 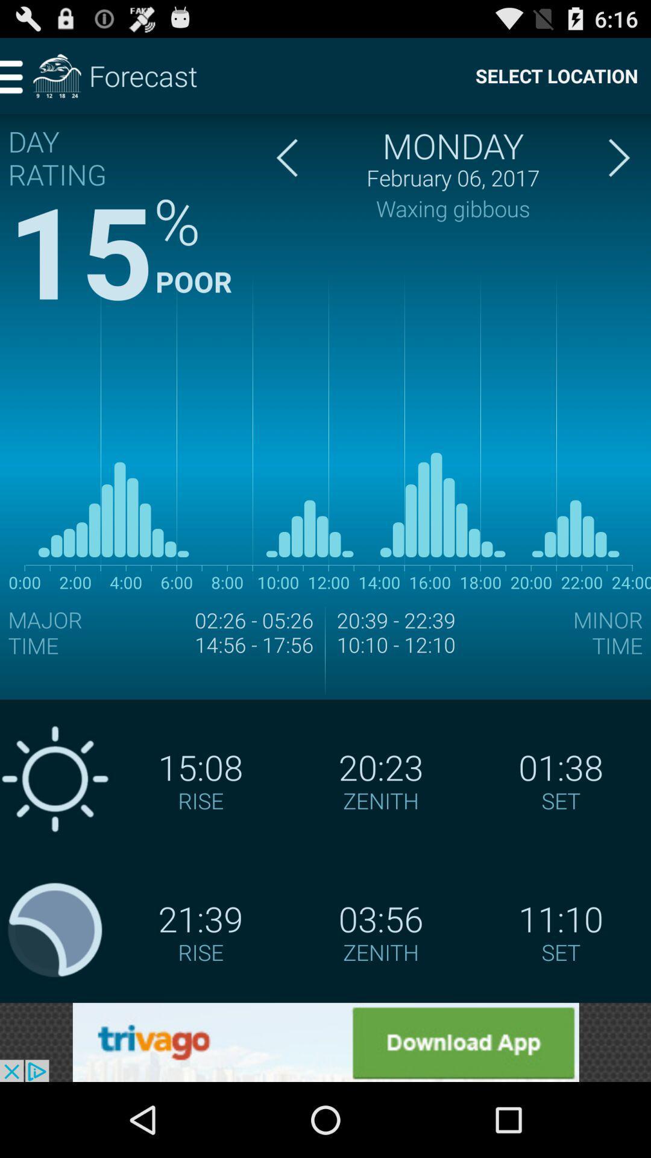 What do you see at coordinates (619, 168) in the screenshot?
I see `the arrow_forward icon` at bounding box center [619, 168].